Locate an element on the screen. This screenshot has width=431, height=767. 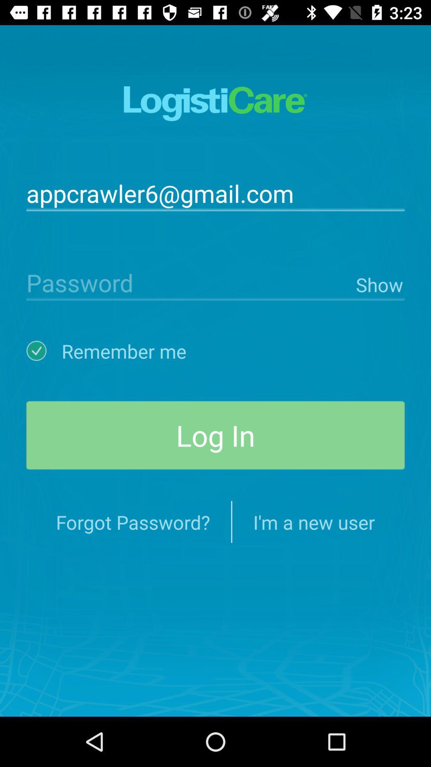
forgot password? icon is located at coordinates (132, 522).